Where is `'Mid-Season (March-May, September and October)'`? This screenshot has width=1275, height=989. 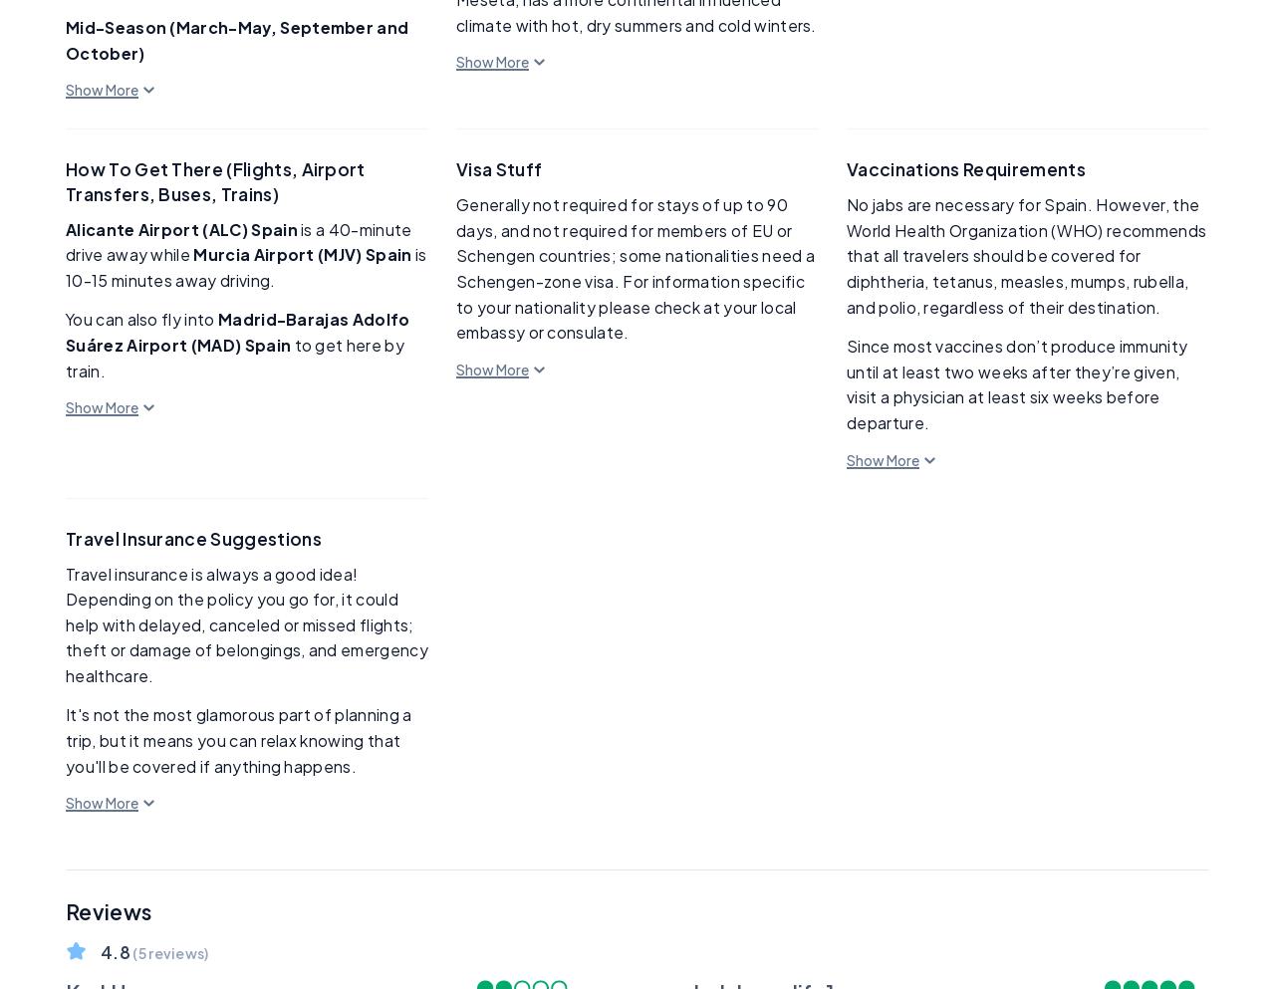
'Mid-Season (March-May, September and October)' is located at coordinates (236, 39).